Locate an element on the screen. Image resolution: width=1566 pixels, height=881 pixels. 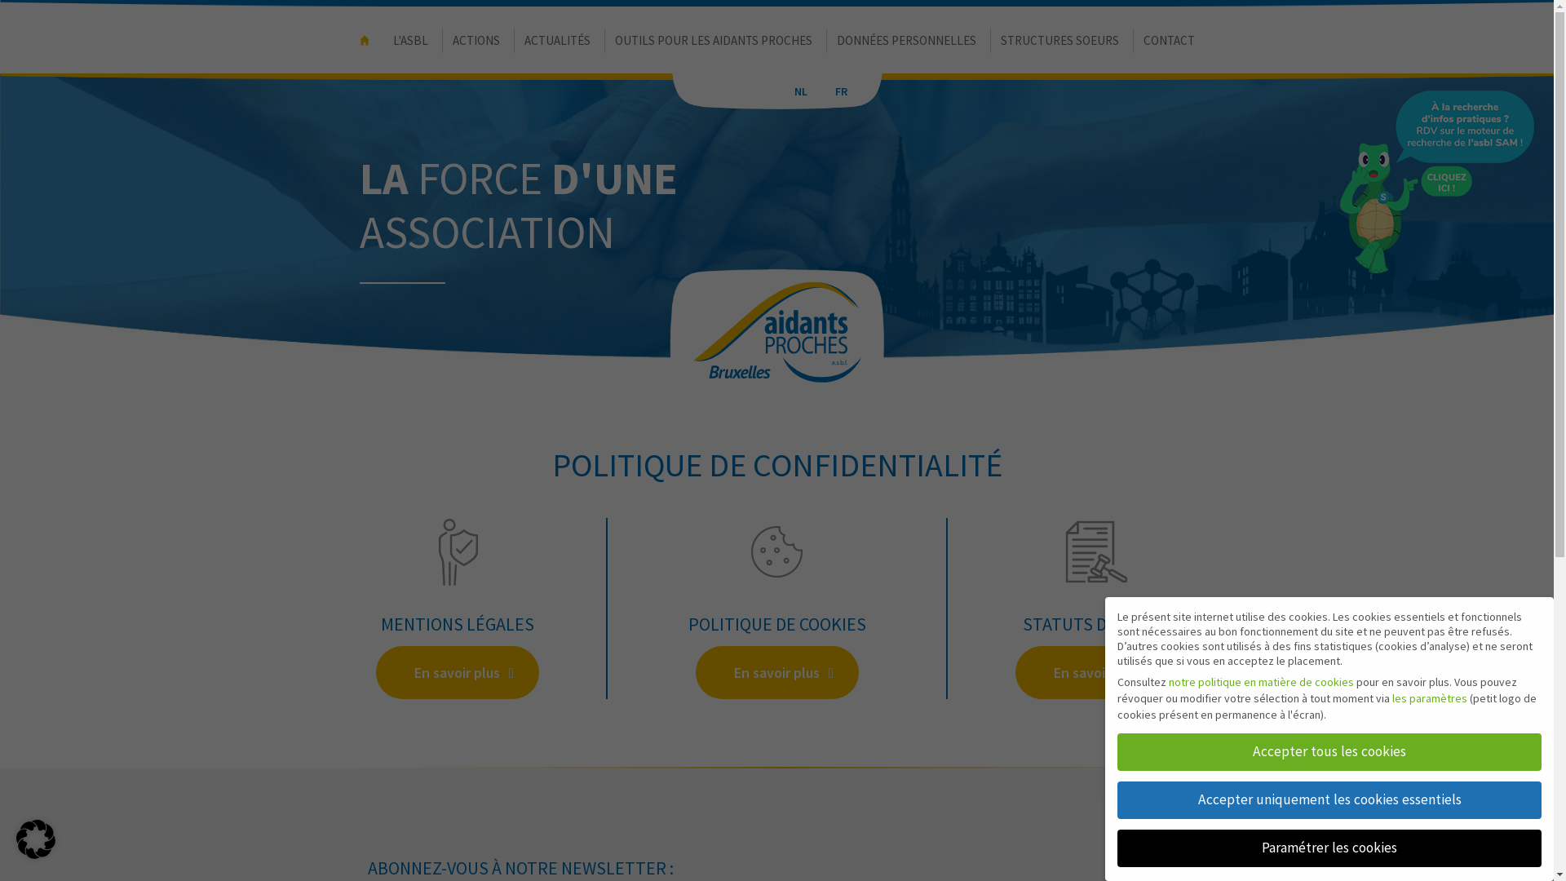
'L'ASBL' is located at coordinates (410, 37).